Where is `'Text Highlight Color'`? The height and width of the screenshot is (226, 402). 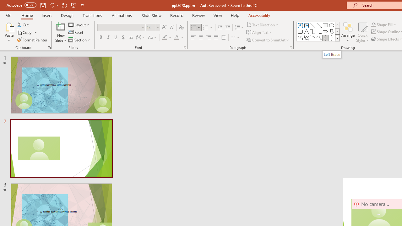 'Text Highlight Color' is located at coordinates (167, 37).